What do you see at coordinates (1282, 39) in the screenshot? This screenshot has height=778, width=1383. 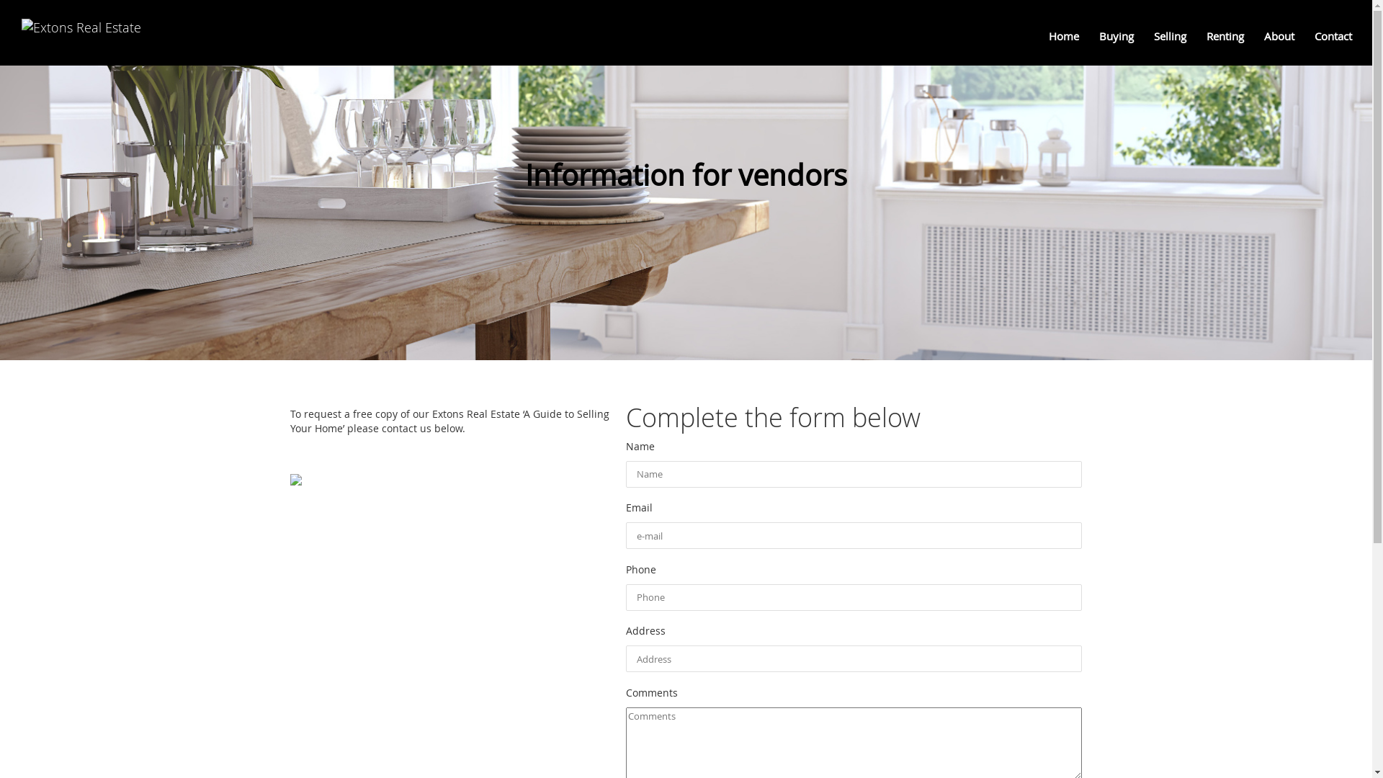 I see `'About  '` at bounding box center [1282, 39].